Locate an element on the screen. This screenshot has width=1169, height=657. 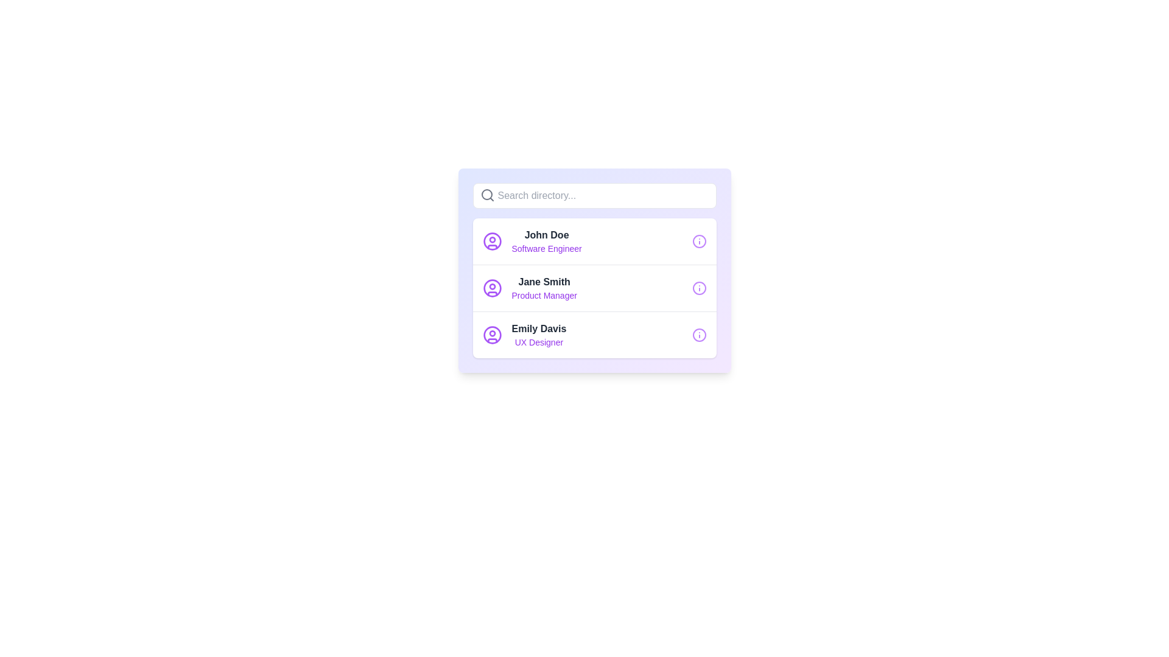
the third Card item in the list that displays user information, showing the name and title of an individual is located at coordinates (594, 335).